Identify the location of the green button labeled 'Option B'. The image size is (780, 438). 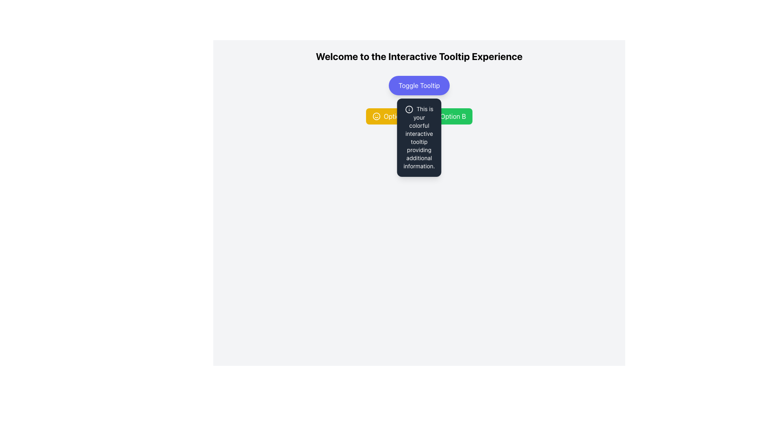
(447, 116).